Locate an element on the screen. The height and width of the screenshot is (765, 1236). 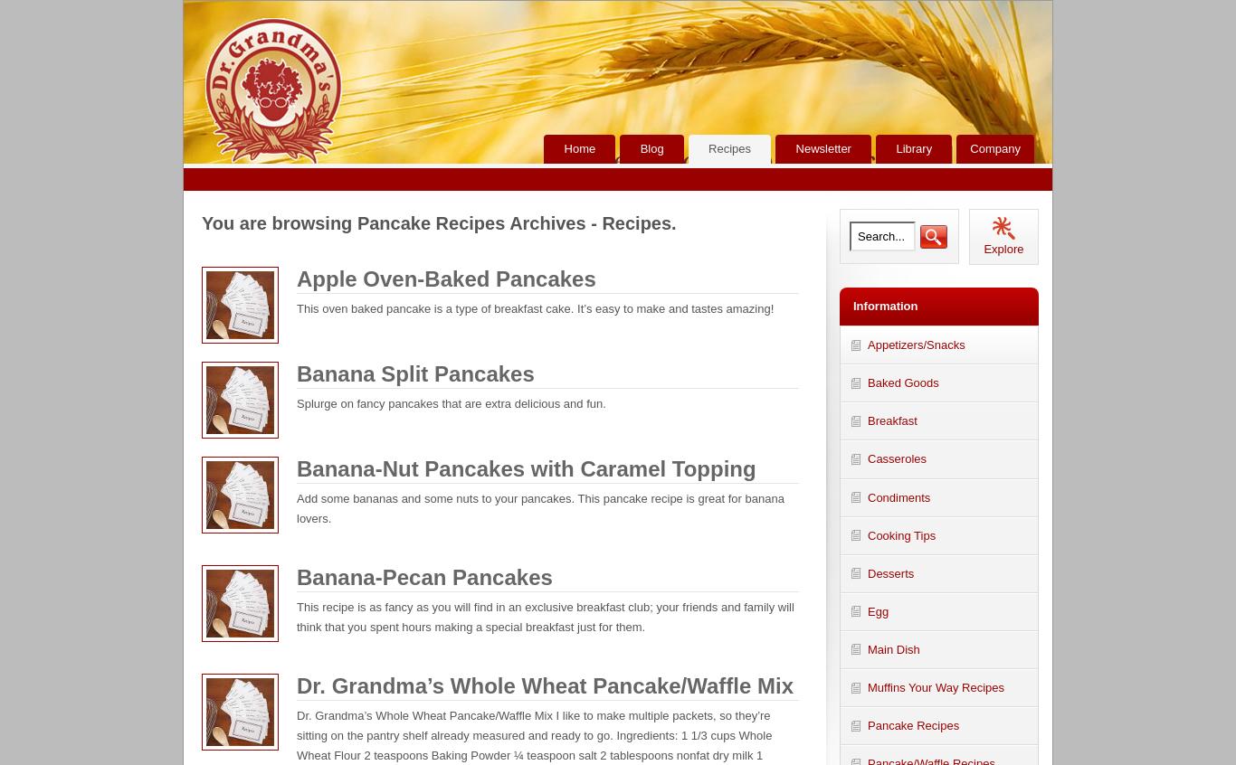
'Baked Goods' is located at coordinates (902, 382).